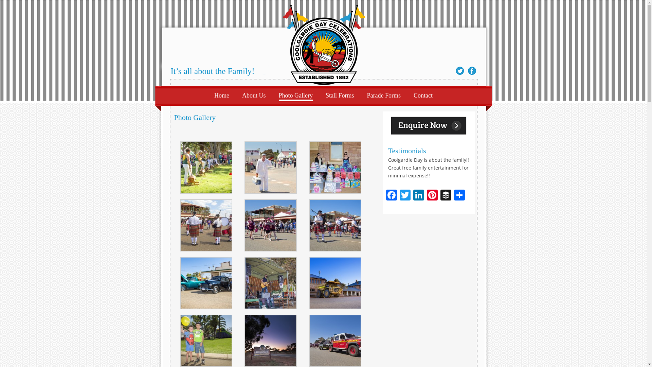 This screenshot has height=367, width=652. I want to click on 'Buffer', so click(438, 195).